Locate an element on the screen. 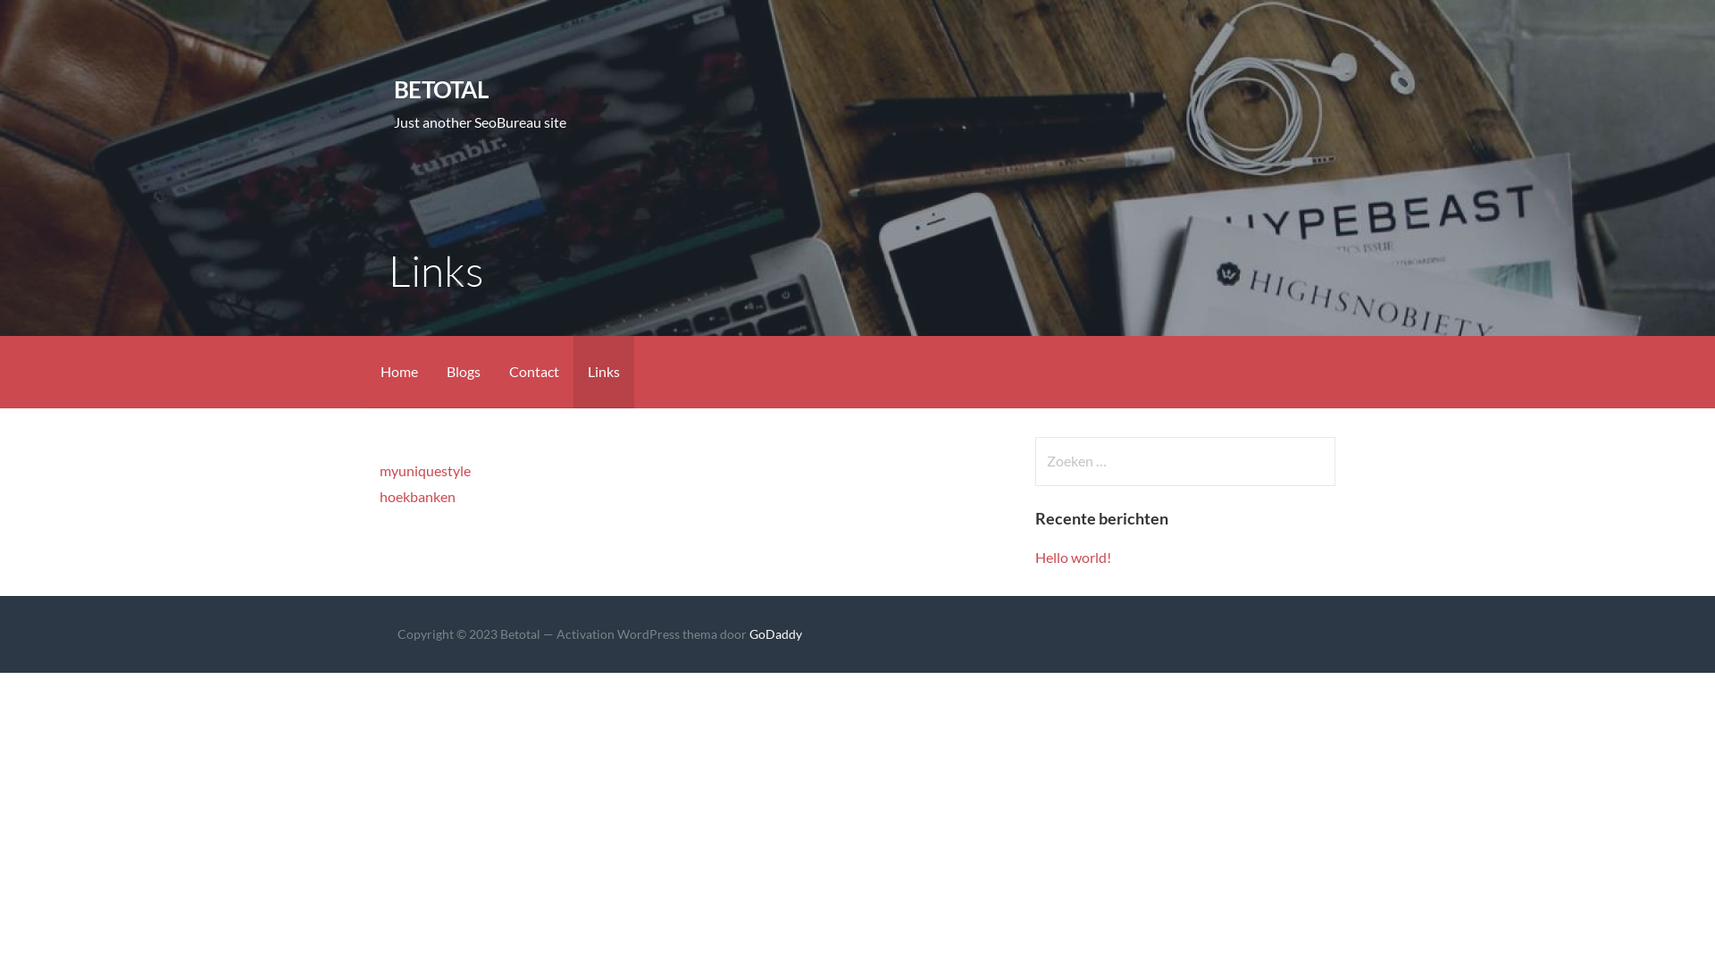 The height and width of the screenshot is (965, 1715). 'Zoeken' is located at coordinates (50, 21).